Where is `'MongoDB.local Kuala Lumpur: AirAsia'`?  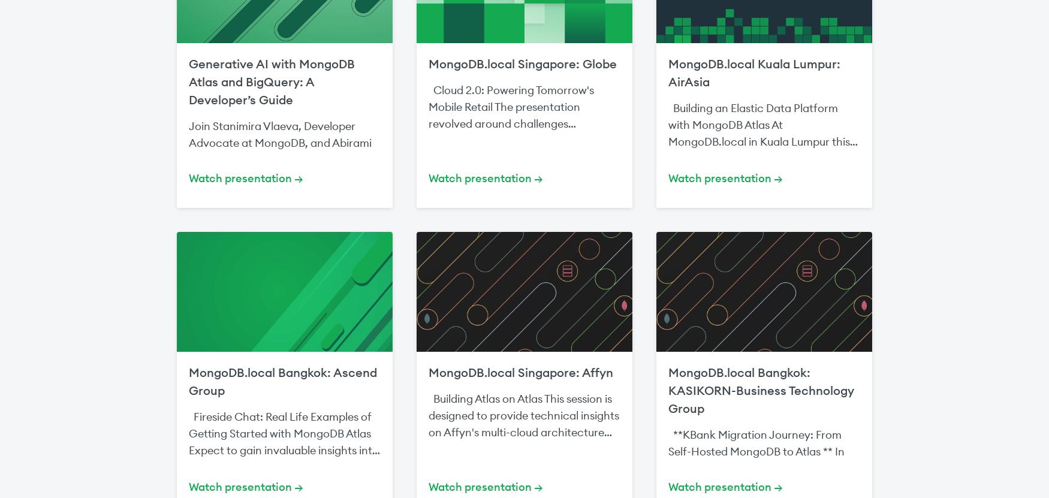 'MongoDB.local Kuala Lumpur: AirAsia' is located at coordinates (753, 73).